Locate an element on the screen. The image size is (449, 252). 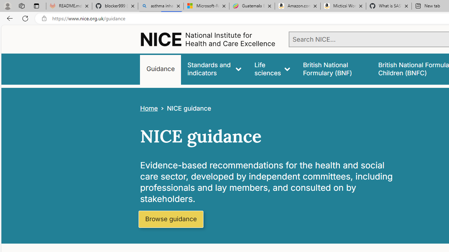
'Life sciences' is located at coordinates (272, 69).